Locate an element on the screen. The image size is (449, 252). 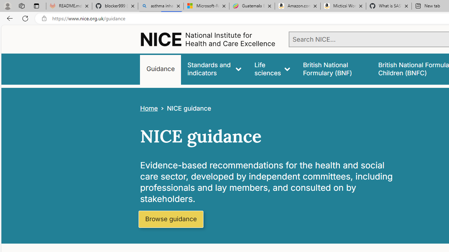
'Life sciences' is located at coordinates (272, 69).